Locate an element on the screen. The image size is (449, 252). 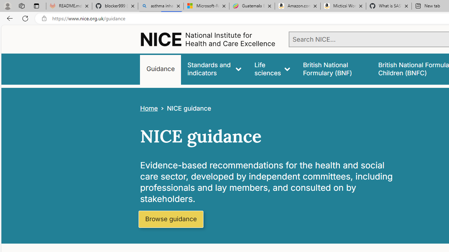
'Life sciences' is located at coordinates (272, 69).